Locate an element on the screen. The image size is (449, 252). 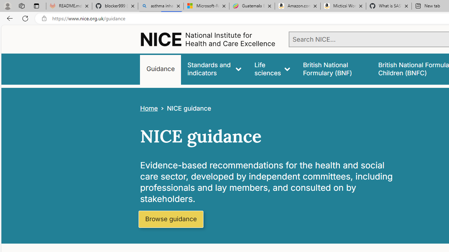
'Life sciences' is located at coordinates (272, 69).